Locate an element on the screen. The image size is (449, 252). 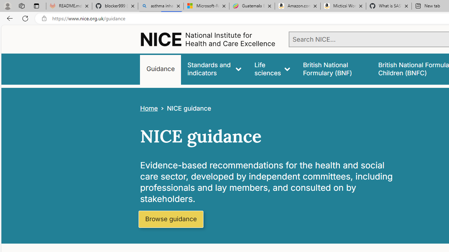
'Life sciences' is located at coordinates (272, 69).